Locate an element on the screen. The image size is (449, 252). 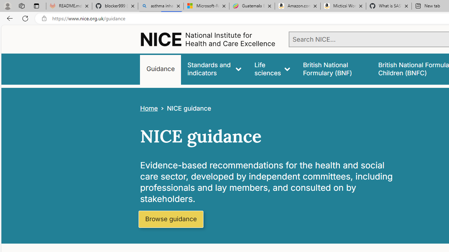
'Life sciences' is located at coordinates (272, 69).